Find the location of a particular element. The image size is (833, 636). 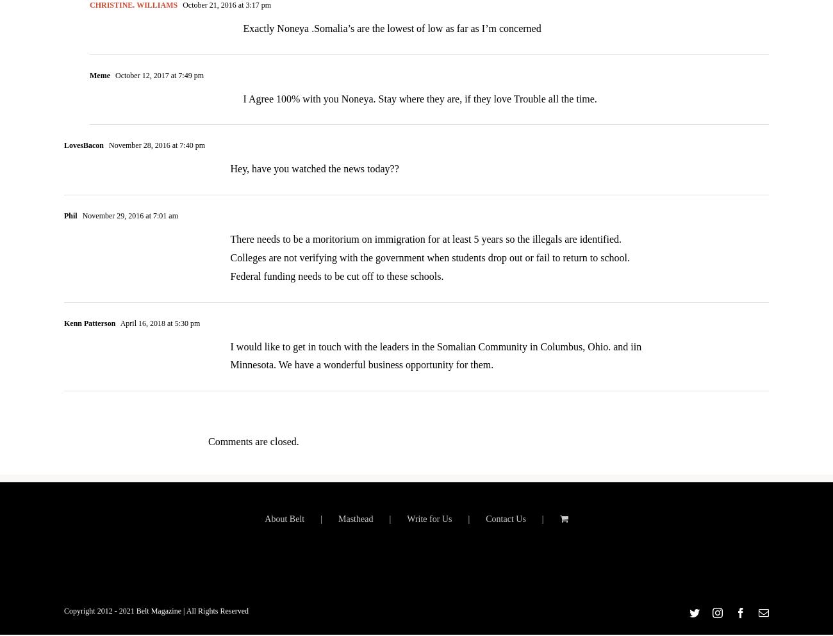

'There needs to be a moritorium on immigration for at least 5 years so the illegals are identified. Colleges are not verifying with the government when students drop out or fail to return to school. Federal funding needs to be cut off to these schools.' is located at coordinates (429, 265).